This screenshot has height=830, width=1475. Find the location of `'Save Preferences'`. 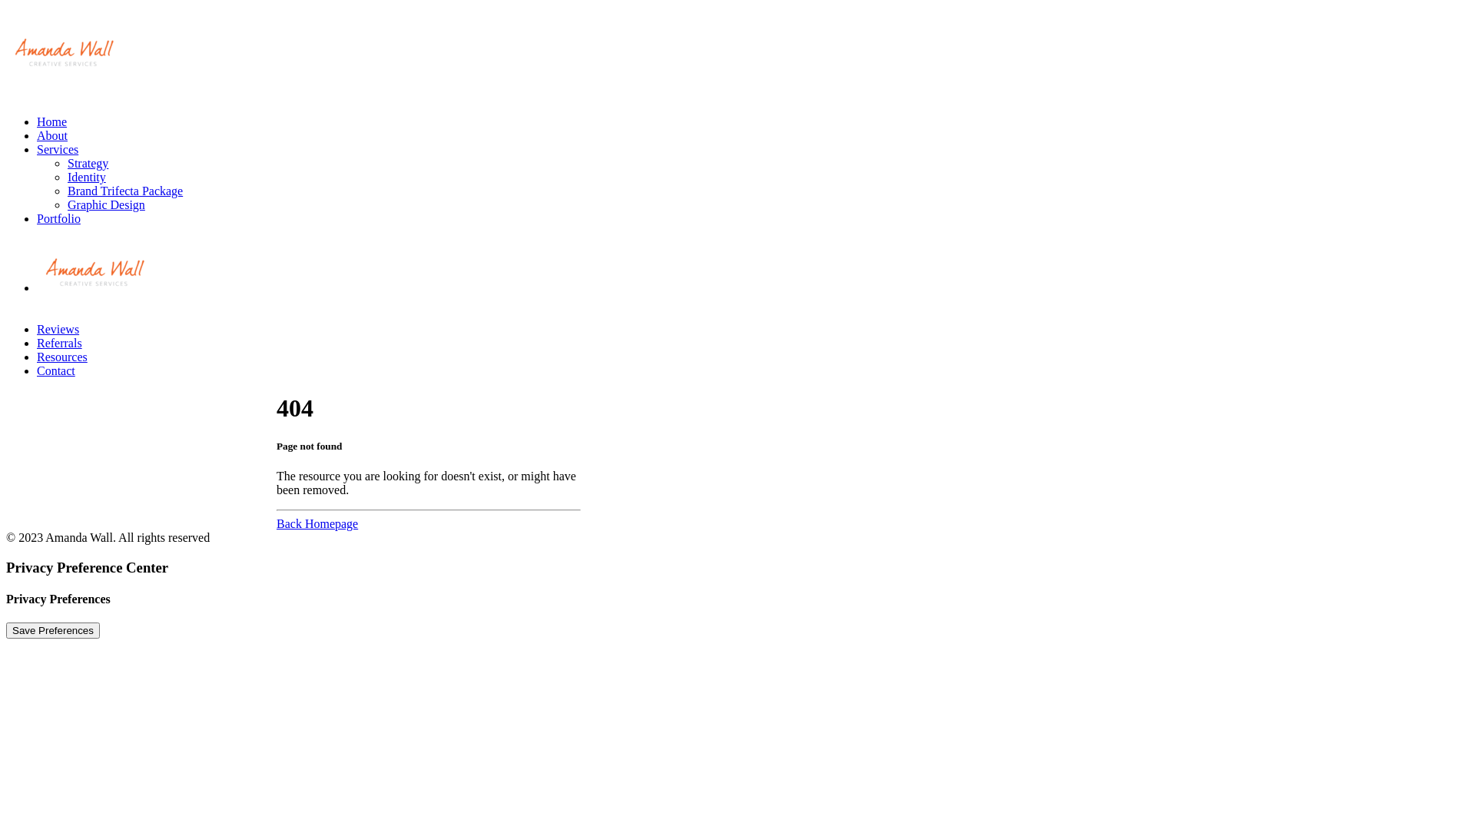

'Save Preferences' is located at coordinates (52, 630).